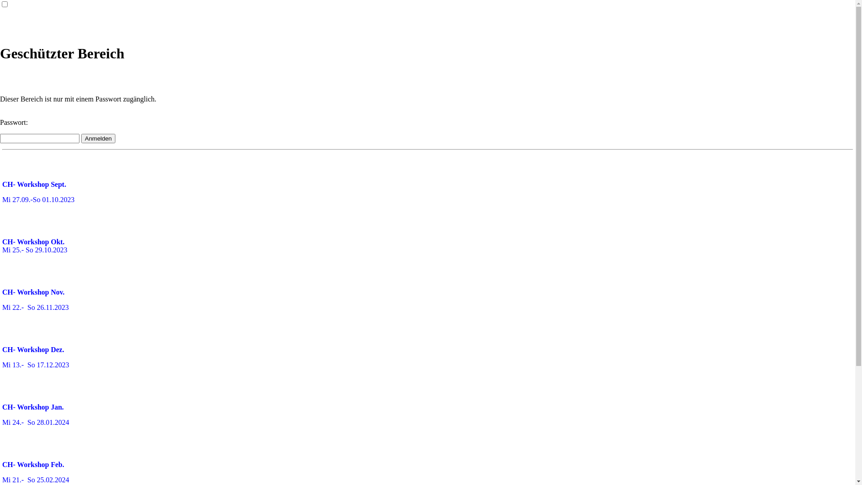  Describe the element at coordinates (81, 138) in the screenshot. I see `'Anmelden'` at that location.